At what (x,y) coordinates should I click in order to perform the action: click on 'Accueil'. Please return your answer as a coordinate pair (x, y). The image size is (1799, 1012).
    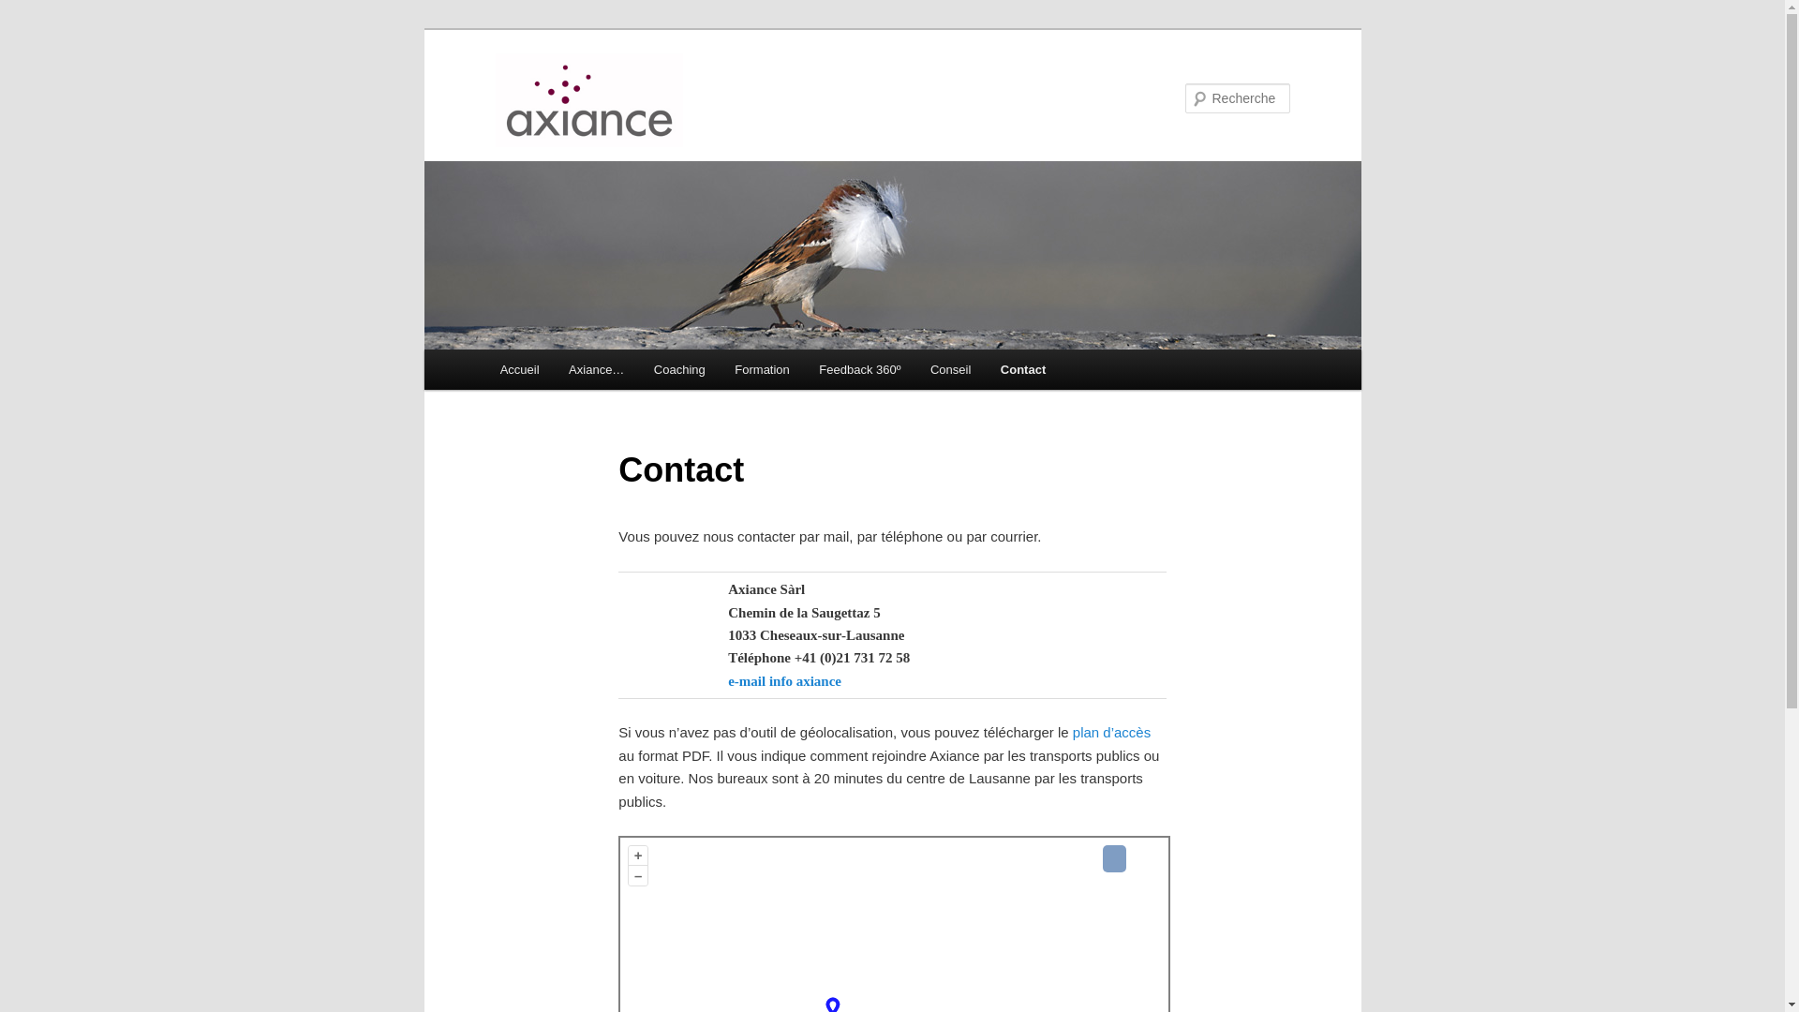
    Looking at the image, I should click on (519, 369).